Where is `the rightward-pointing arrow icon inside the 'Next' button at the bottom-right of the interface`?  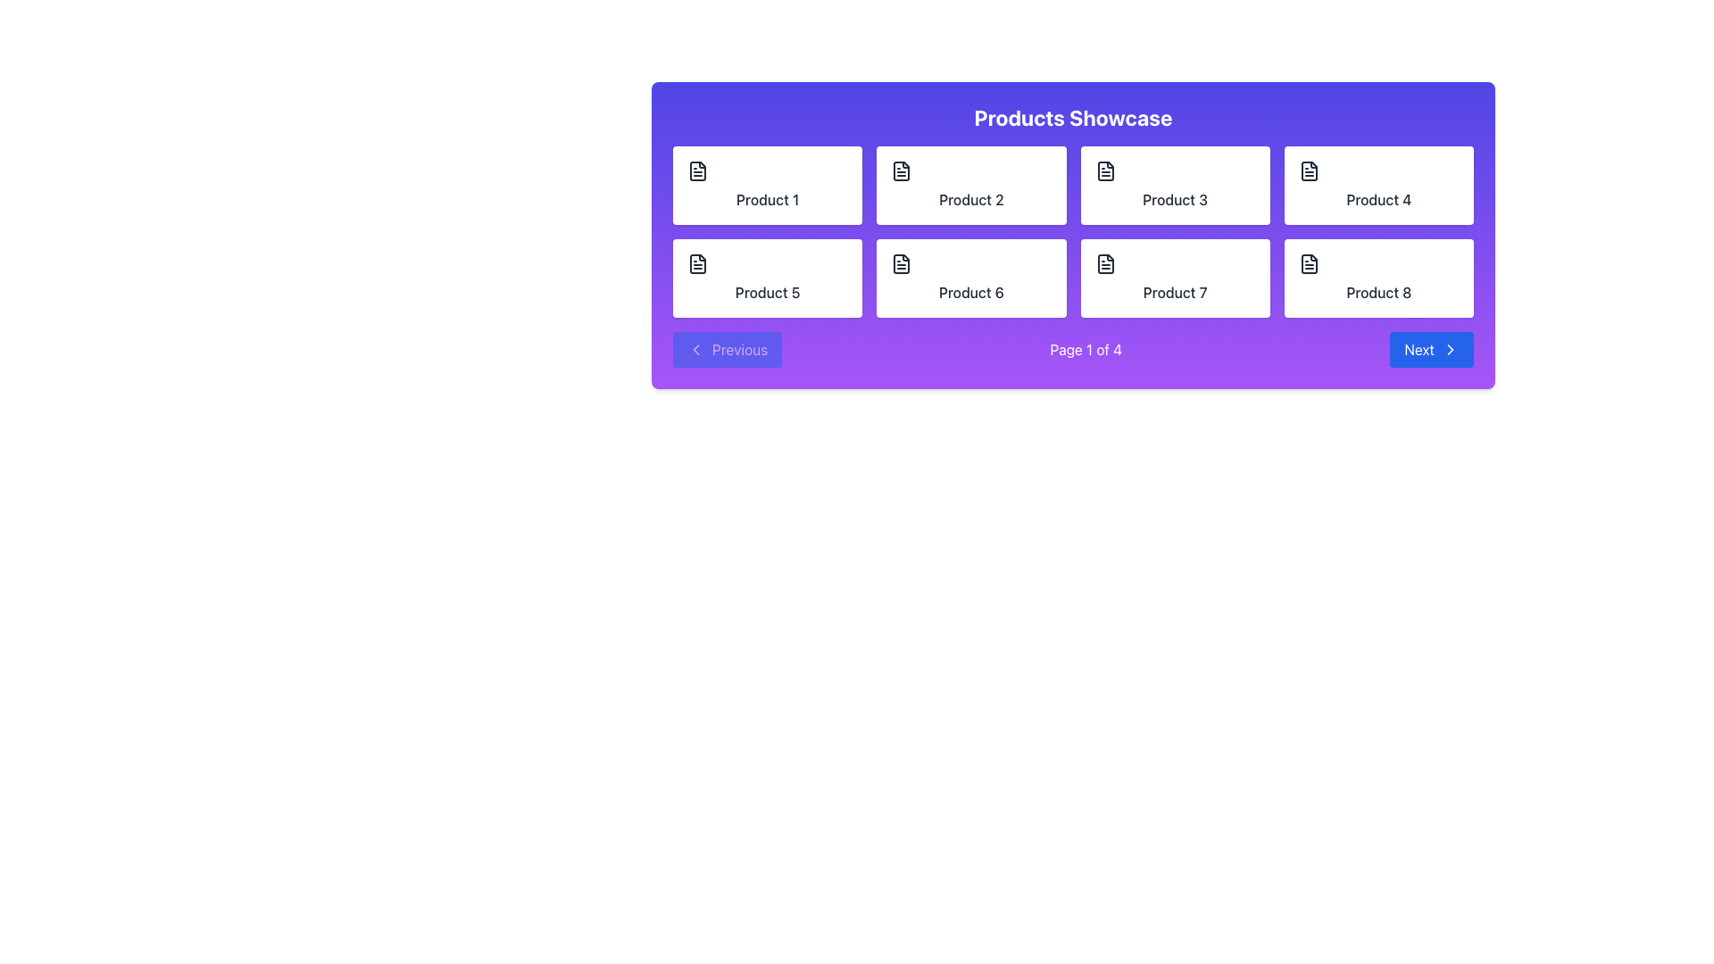 the rightward-pointing arrow icon inside the 'Next' button at the bottom-right of the interface is located at coordinates (1450, 350).